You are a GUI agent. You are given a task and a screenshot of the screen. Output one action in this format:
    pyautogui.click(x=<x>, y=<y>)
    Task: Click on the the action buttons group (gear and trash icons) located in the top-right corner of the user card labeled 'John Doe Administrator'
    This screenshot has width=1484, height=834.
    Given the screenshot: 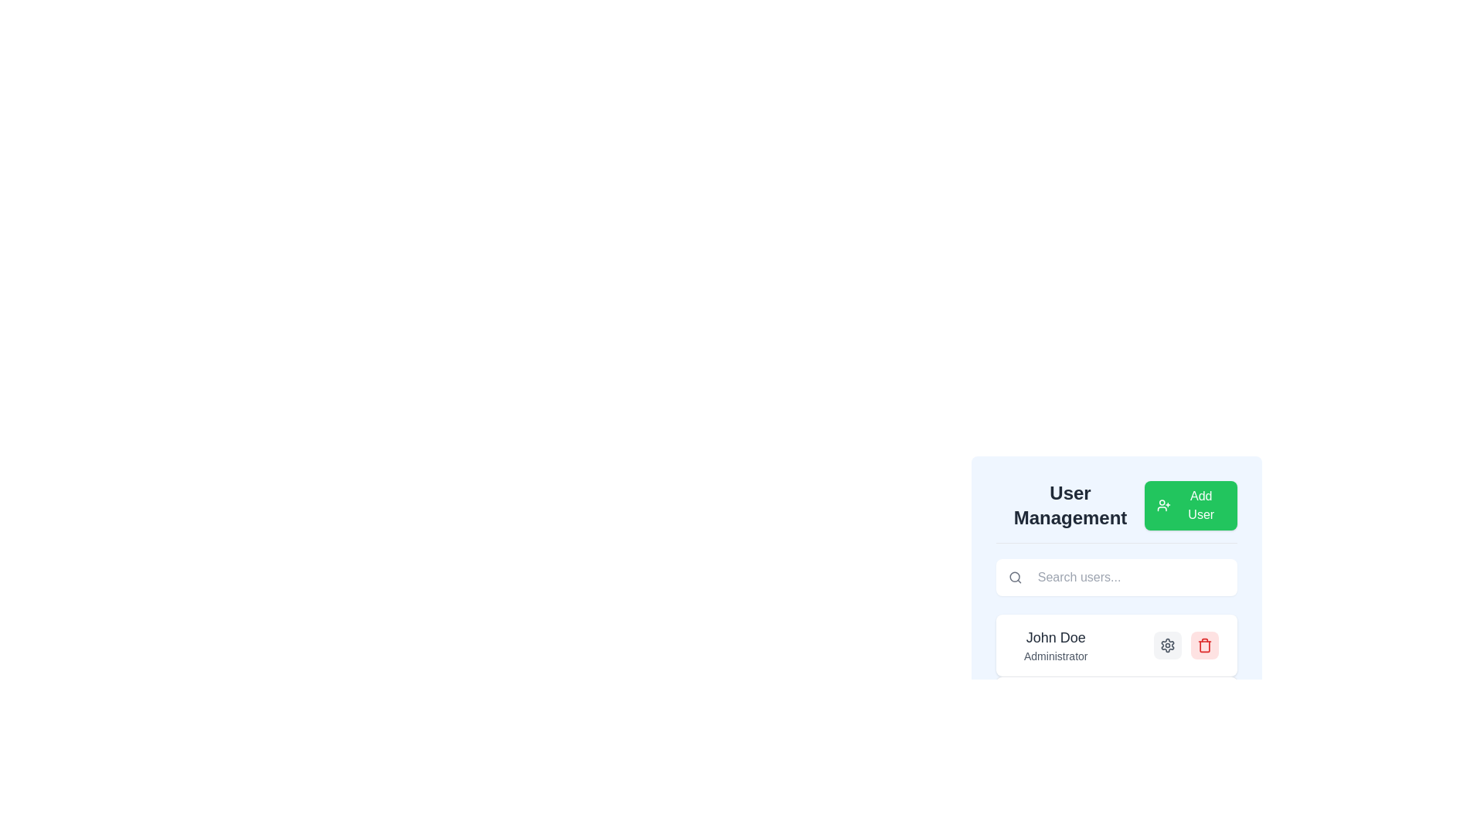 What is the action you would take?
    pyautogui.click(x=1186, y=646)
    